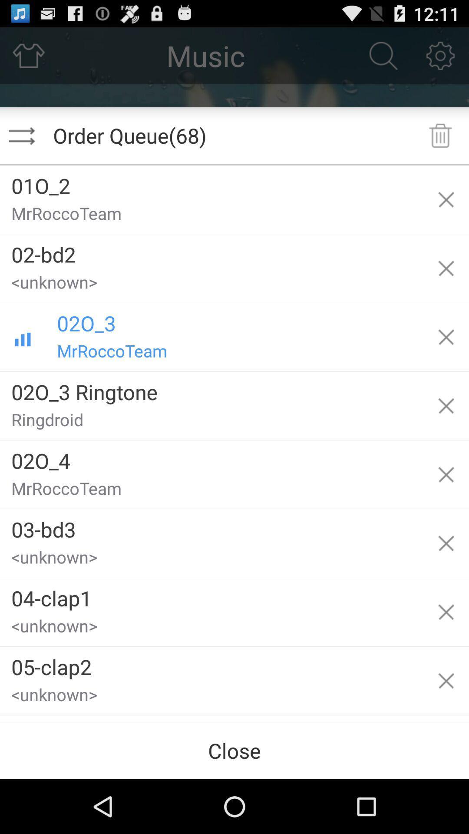  What do you see at coordinates (211, 423) in the screenshot?
I see `item above the 02o_4 item` at bounding box center [211, 423].